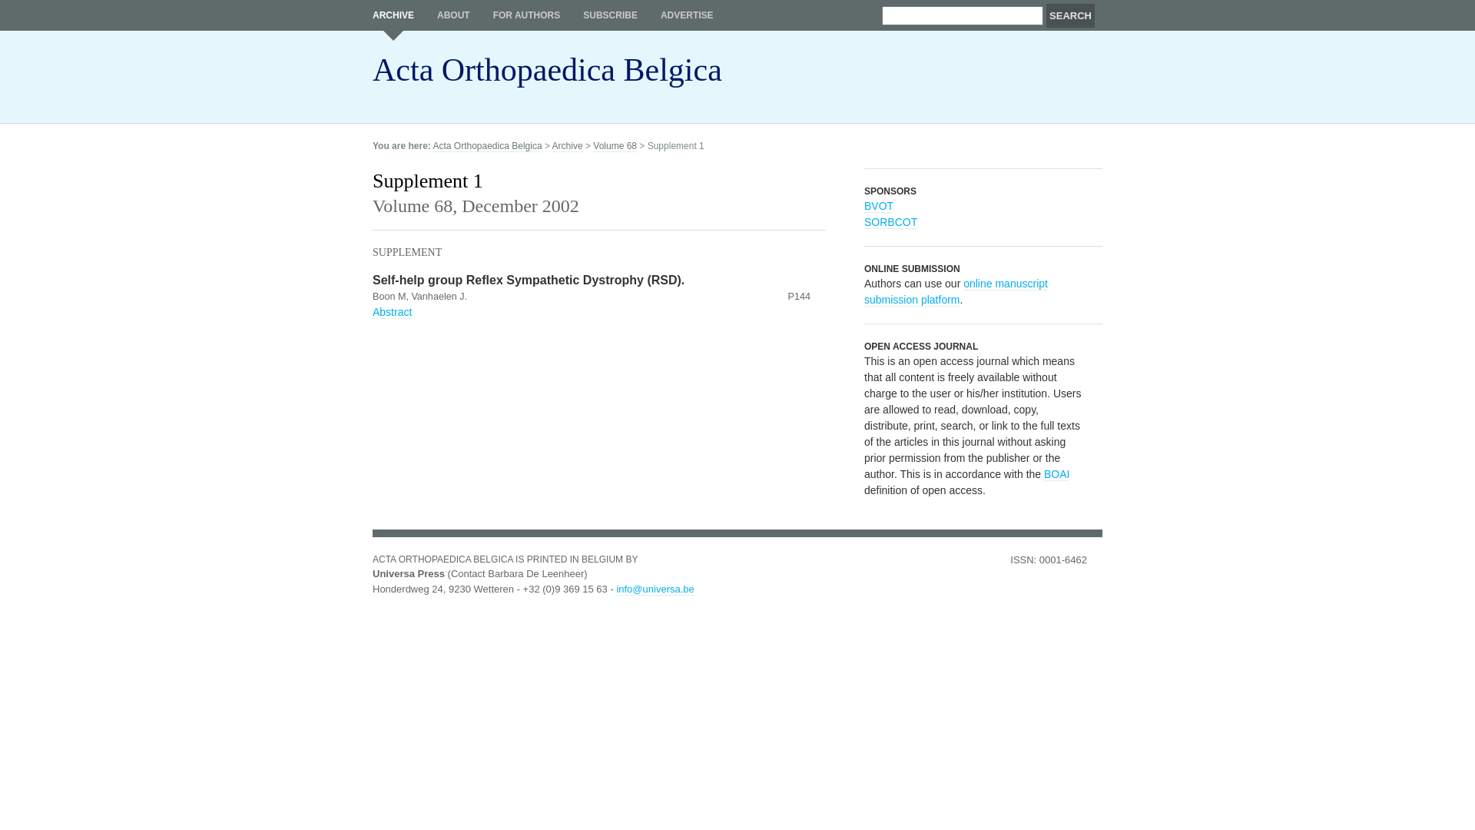 The width and height of the screenshot is (1475, 830). I want to click on 'Search', so click(1069, 15).